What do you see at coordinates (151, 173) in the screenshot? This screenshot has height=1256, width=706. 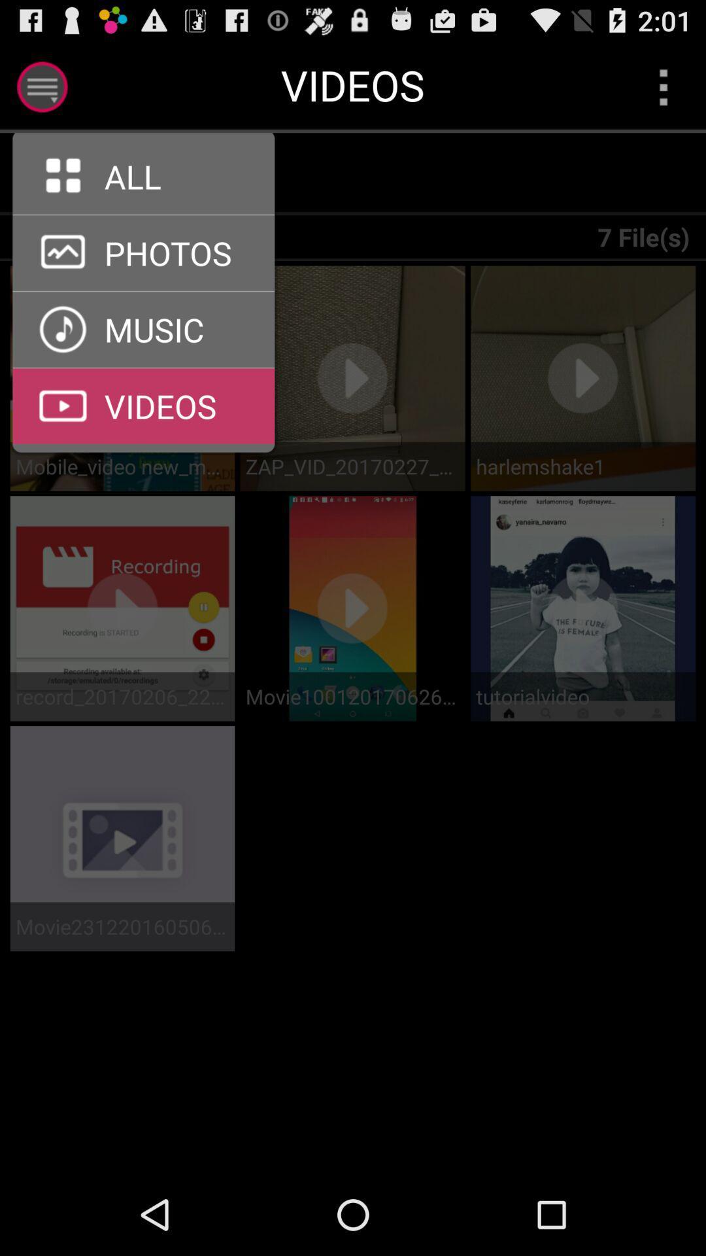 I see `all items` at bounding box center [151, 173].